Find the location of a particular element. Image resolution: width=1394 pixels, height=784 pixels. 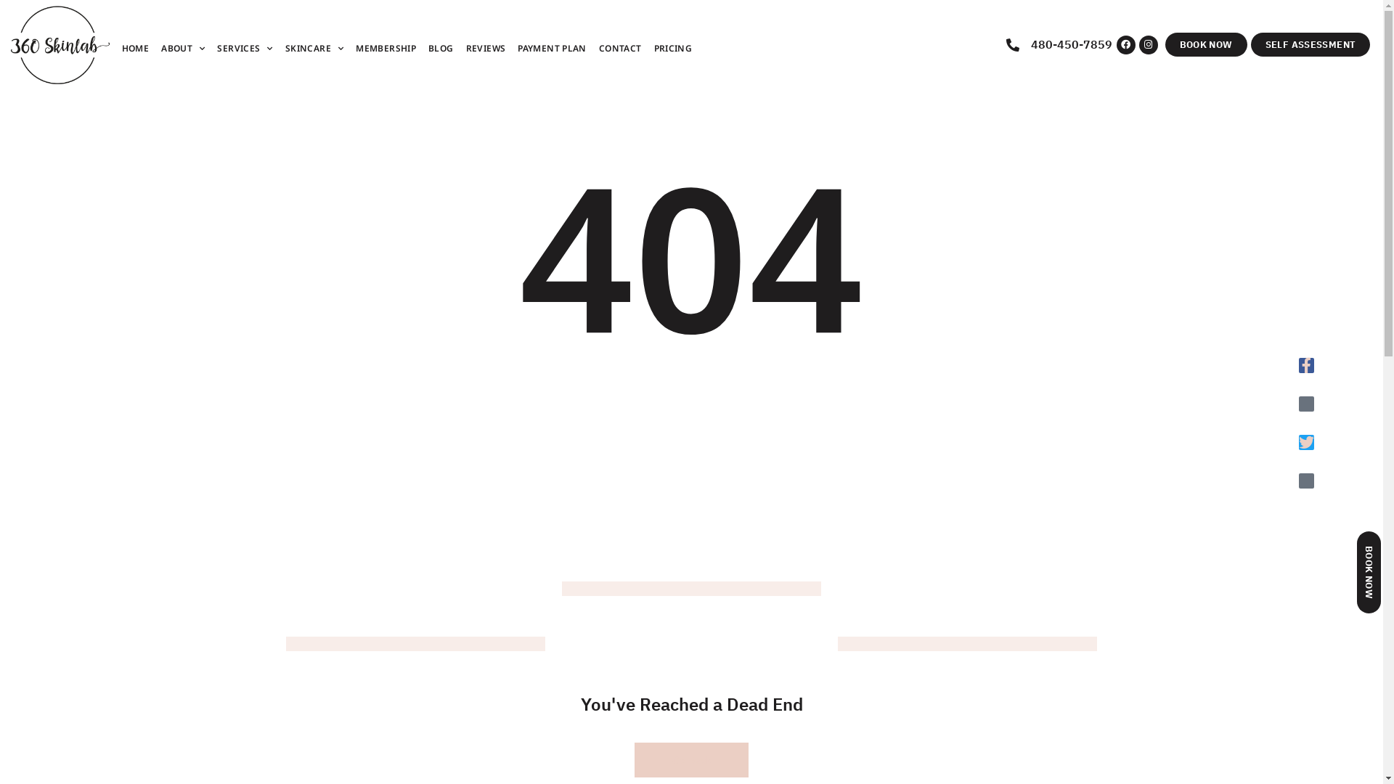

'CONTACT' is located at coordinates (620, 47).